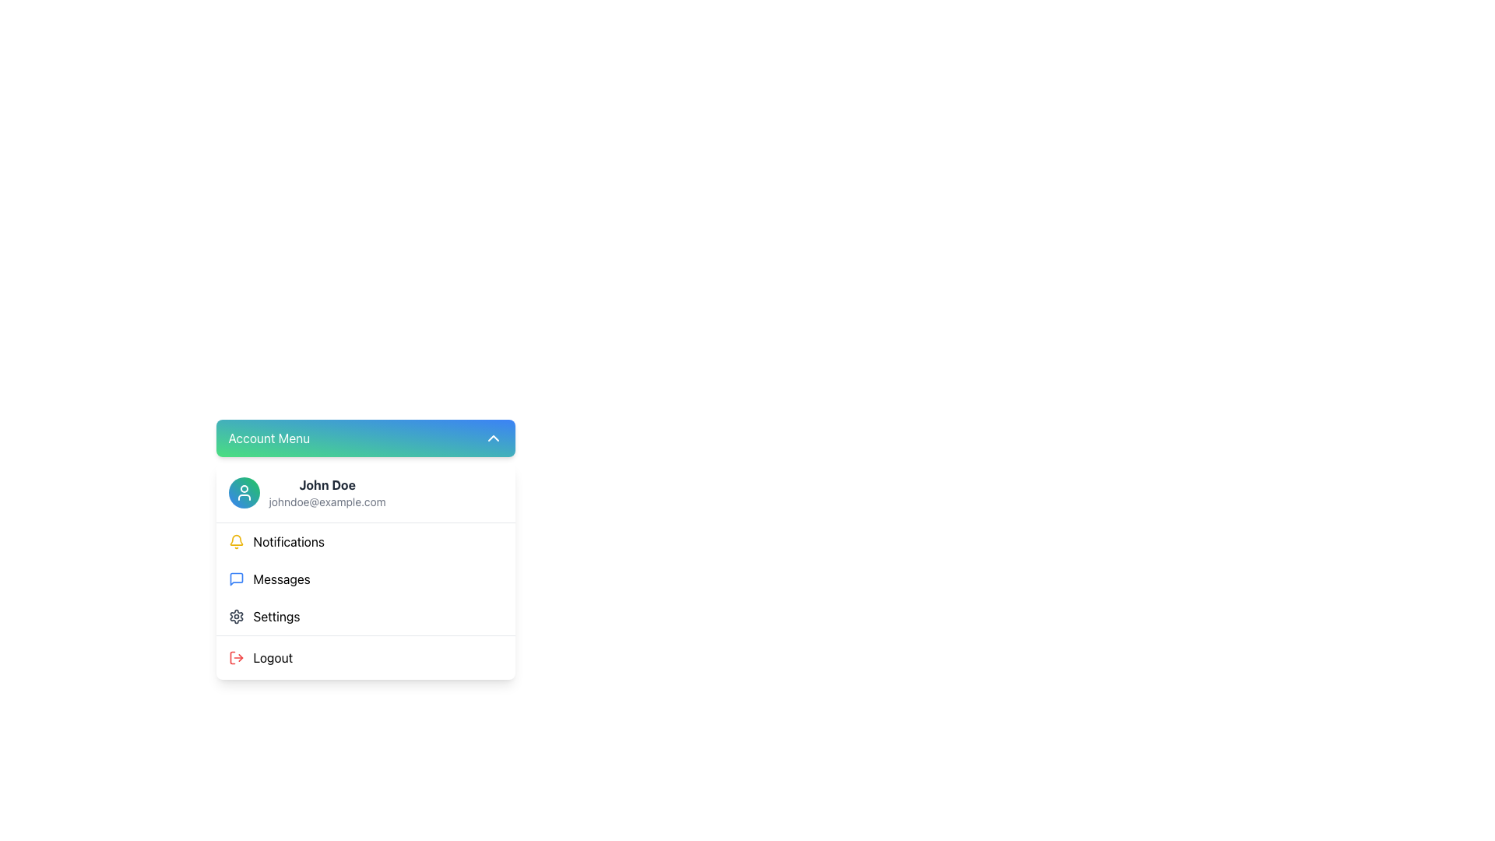 Image resolution: width=1495 pixels, height=841 pixels. Describe the element at coordinates (326, 492) in the screenshot. I see `text displayed in the Account Menu's Text Display, which shows the name and email address of the current user, located to the right of the user icon` at that location.